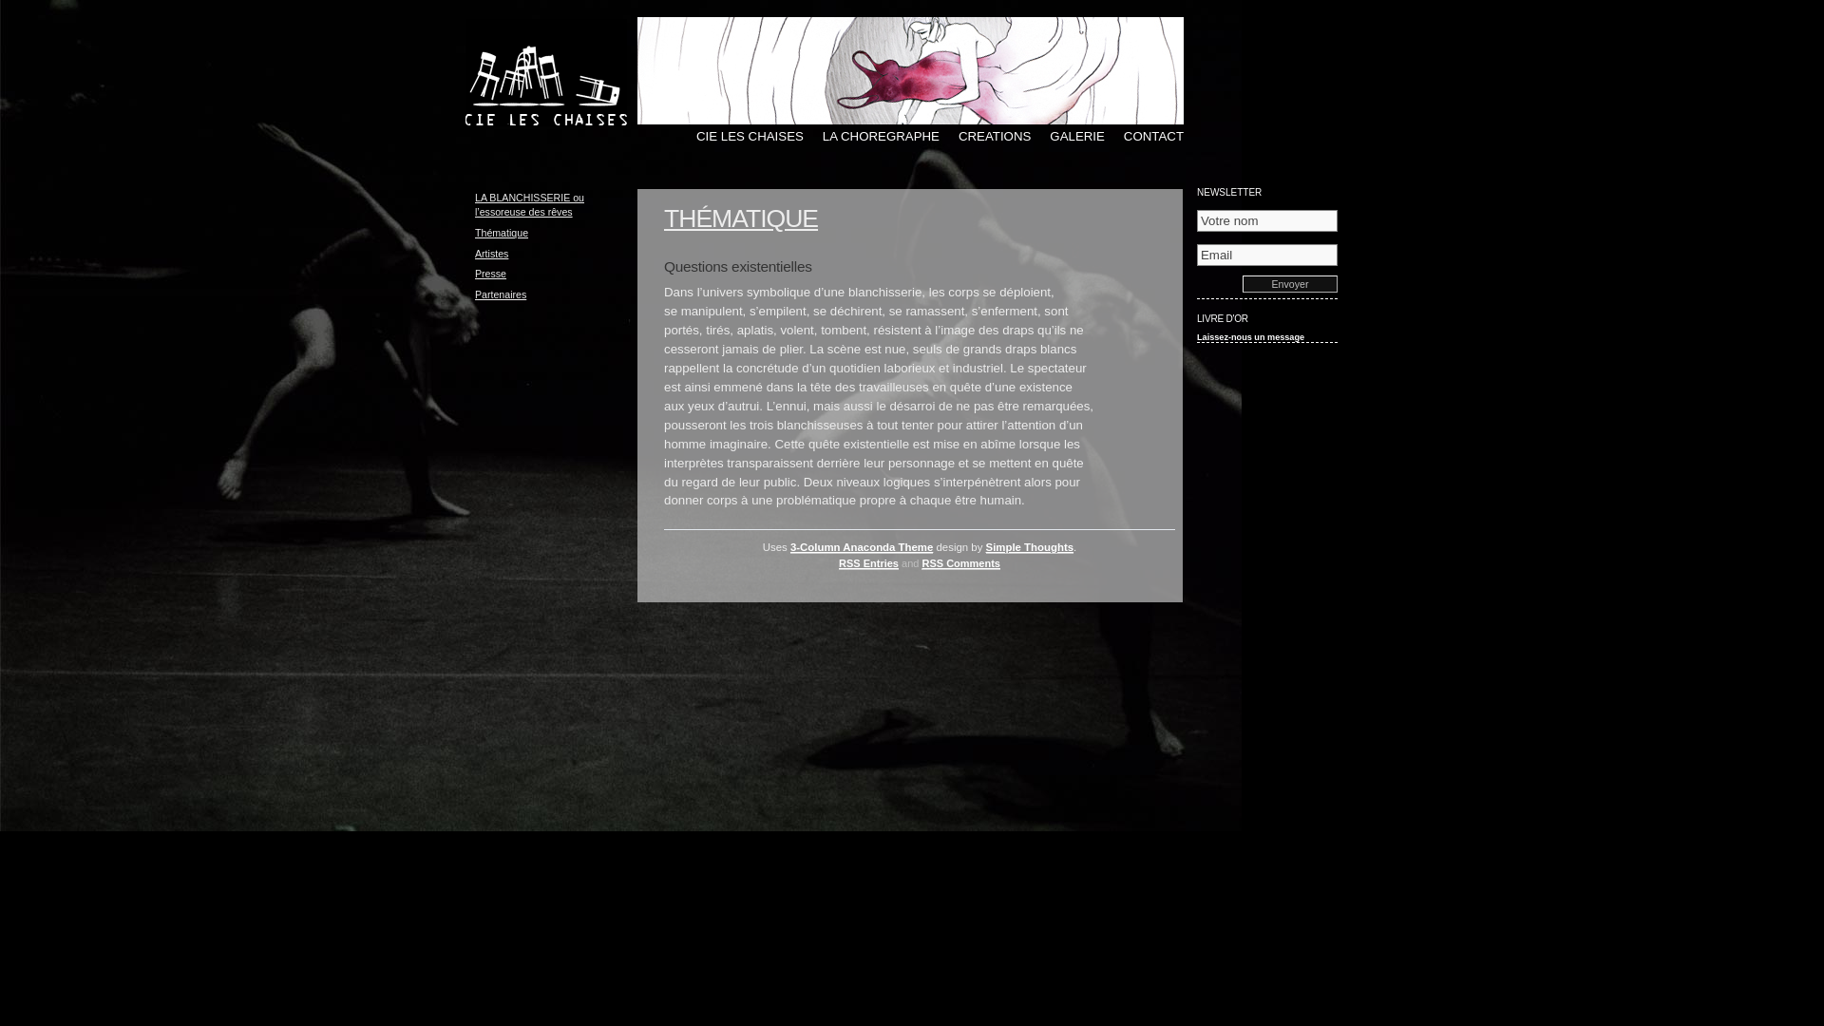  What do you see at coordinates (960, 562) in the screenshot?
I see `'RSS Comments'` at bounding box center [960, 562].